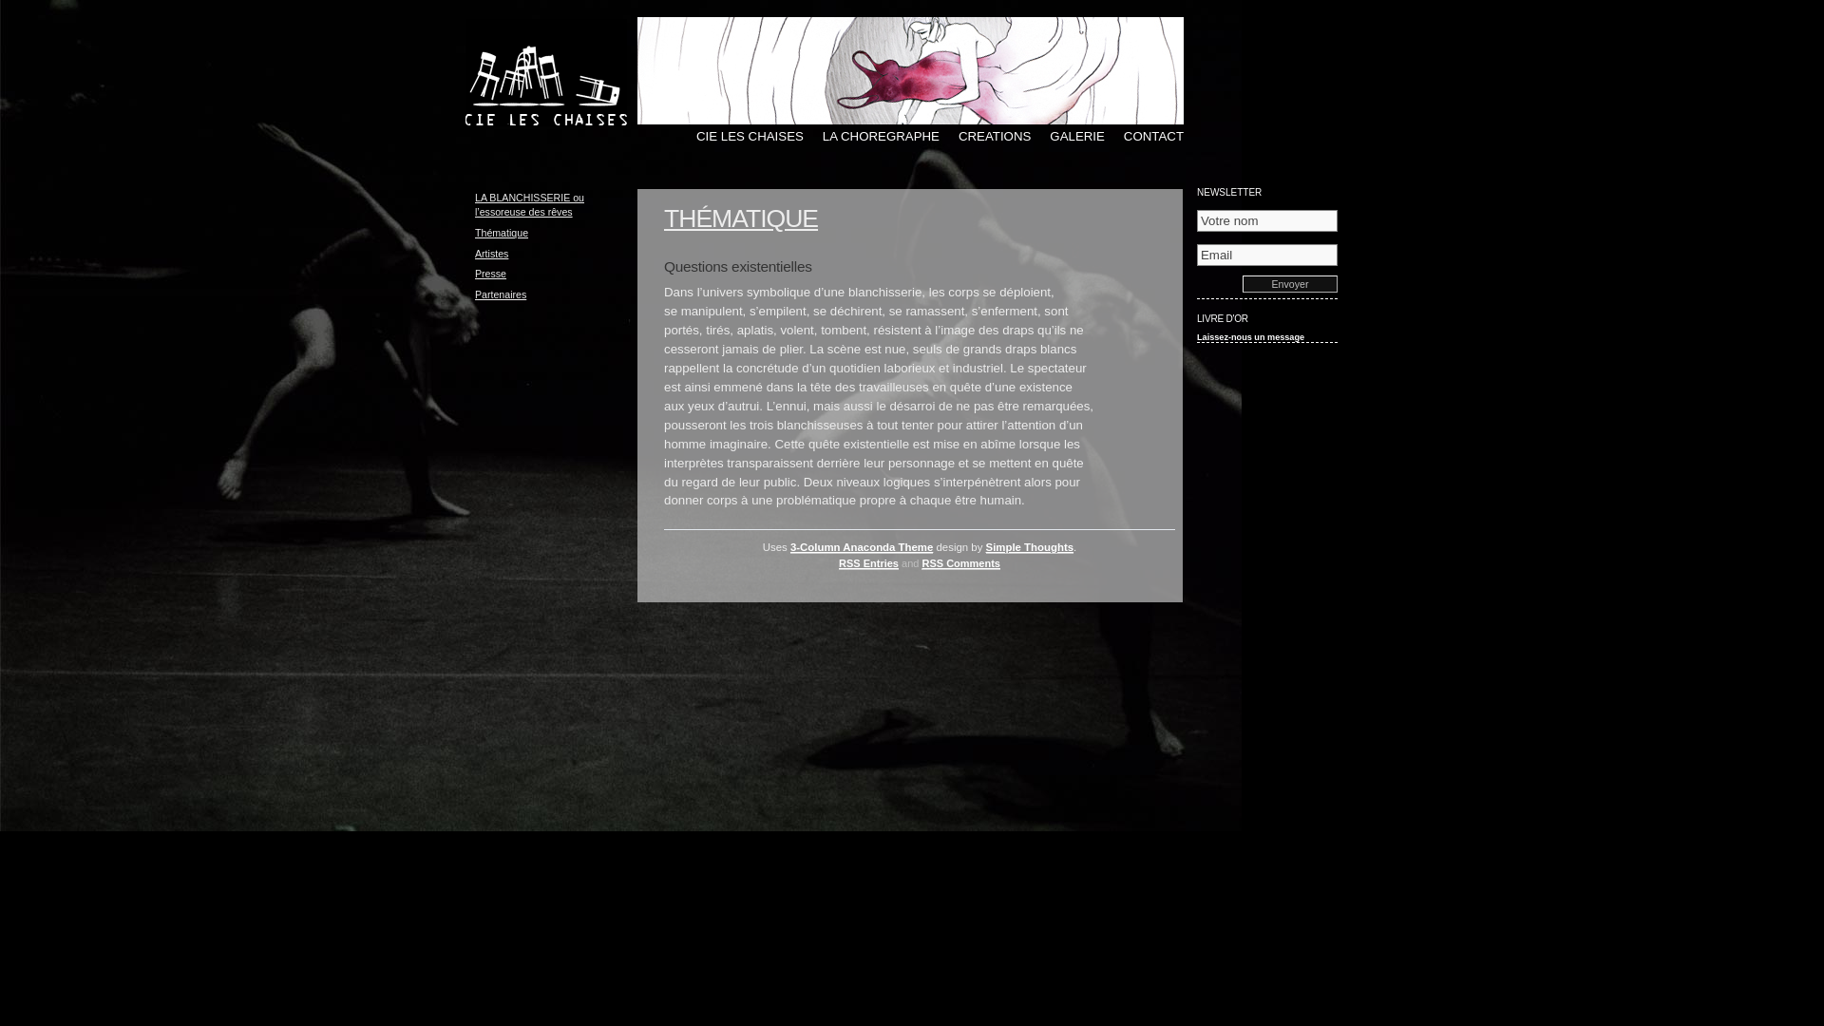  What do you see at coordinates (960, 562) in the screenshot?
I see `'RSS Comments'` at bounding box center [960, 562].